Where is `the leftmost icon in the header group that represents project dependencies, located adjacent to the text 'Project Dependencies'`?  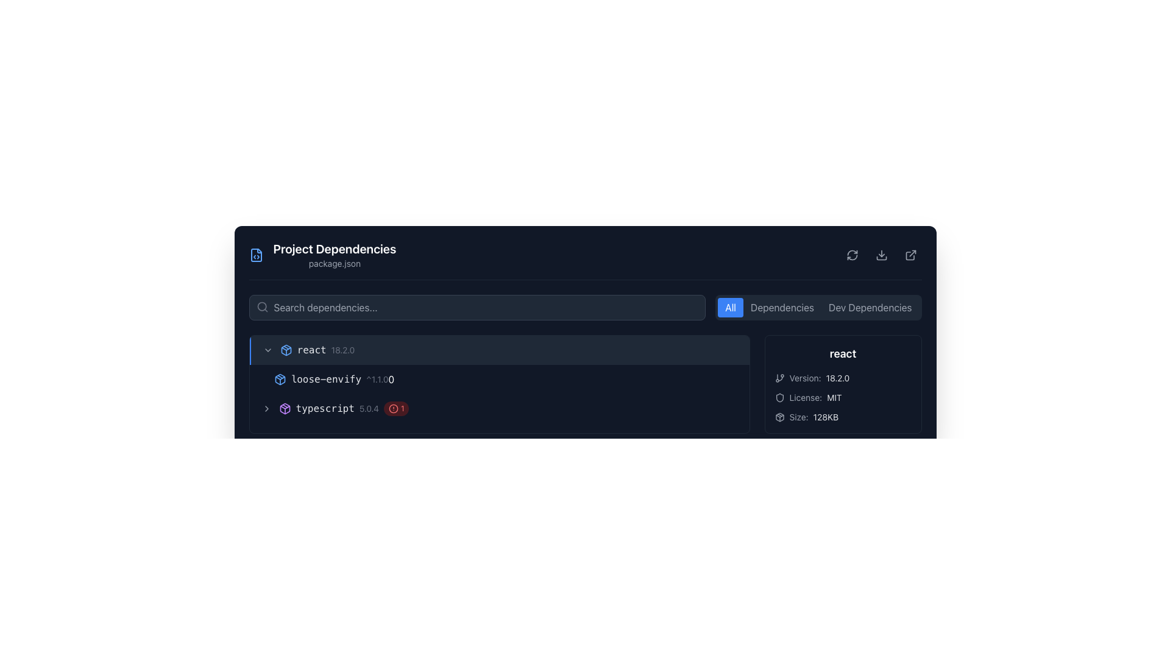 the leftmost icon in the header group that represents project dependencies, located adjacent to the text 'Project Dependencies' is located at coordinates (255, 255).